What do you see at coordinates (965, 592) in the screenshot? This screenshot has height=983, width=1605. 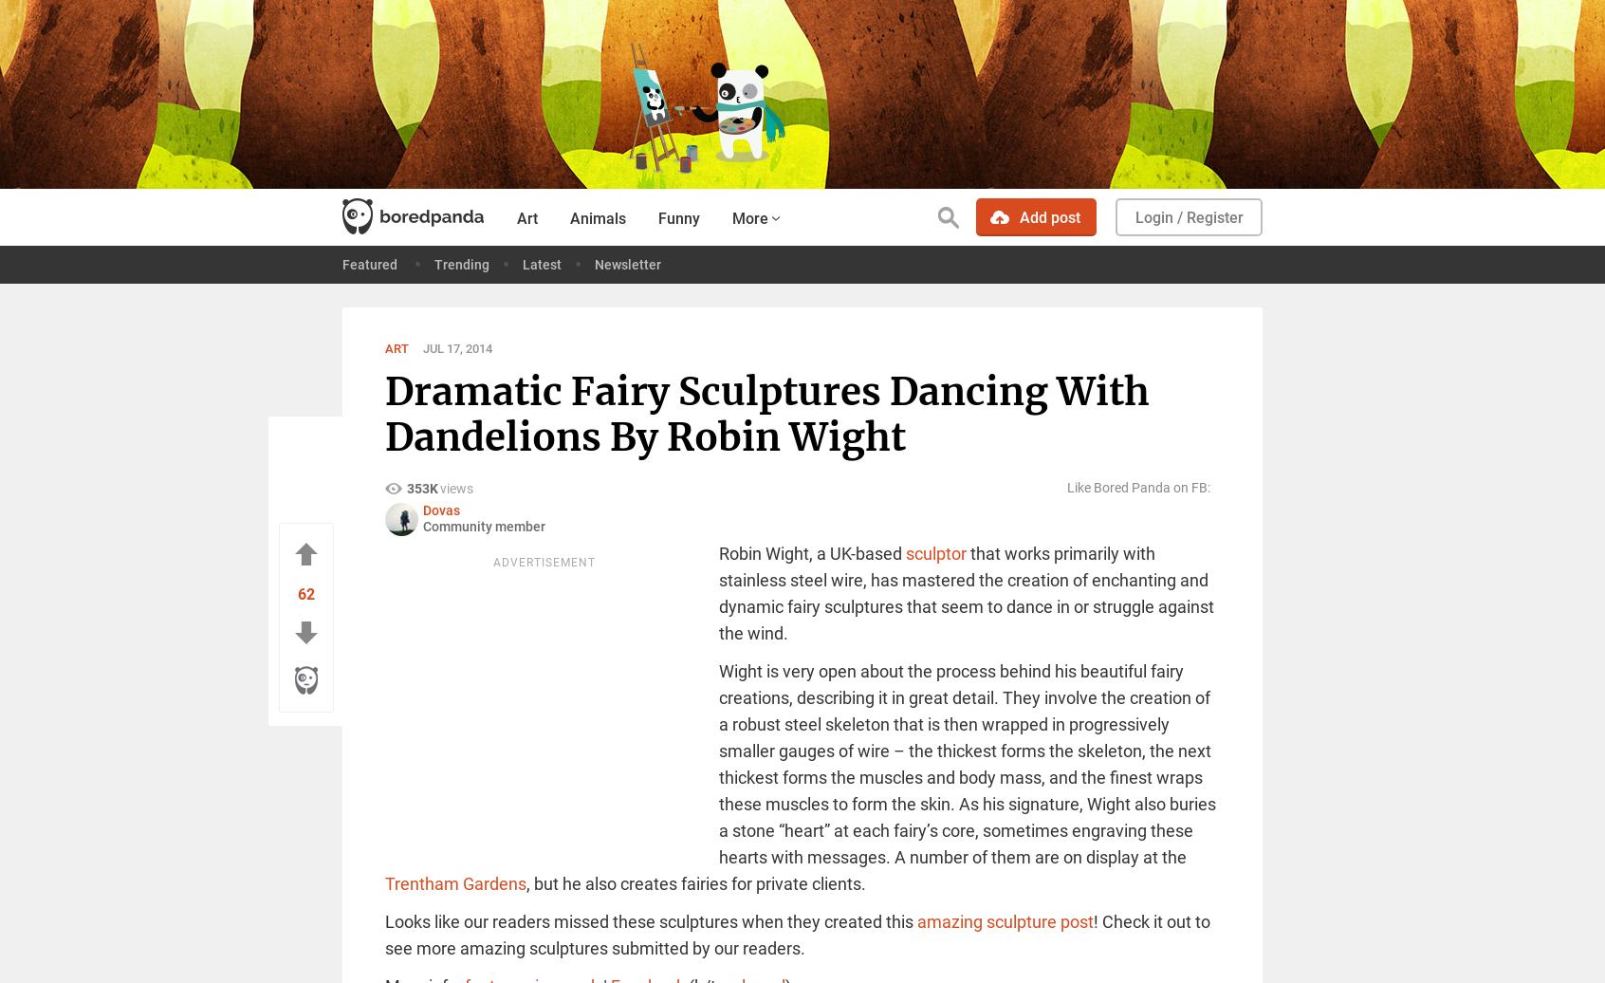 I see `'that works primarily with stainless steel wire, has mastered the creation of enchanting and dynamic fairy sculptures that seem to dance in or struggle against the wind.'` at bounding box center [965, 592].